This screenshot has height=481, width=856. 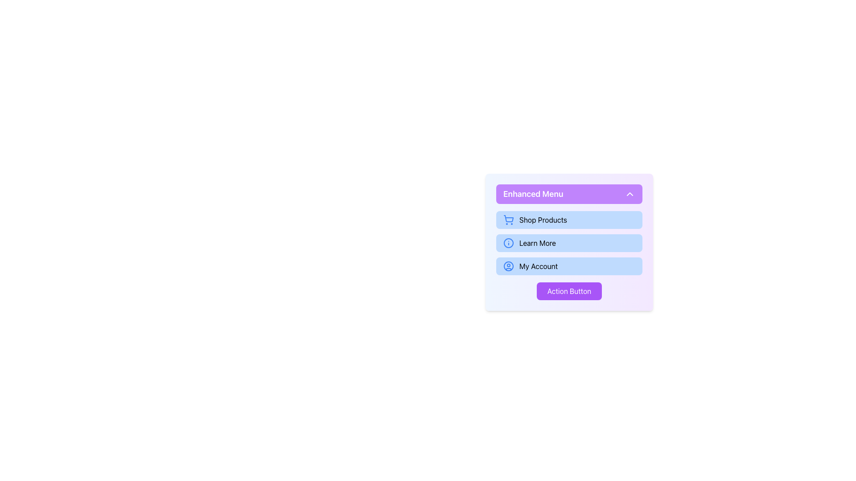 What do you see at coordinates (568, 291) in the screenshot?
I see `the last button in the 'Enhanced Menu' card` at bounding box center [568, 291].